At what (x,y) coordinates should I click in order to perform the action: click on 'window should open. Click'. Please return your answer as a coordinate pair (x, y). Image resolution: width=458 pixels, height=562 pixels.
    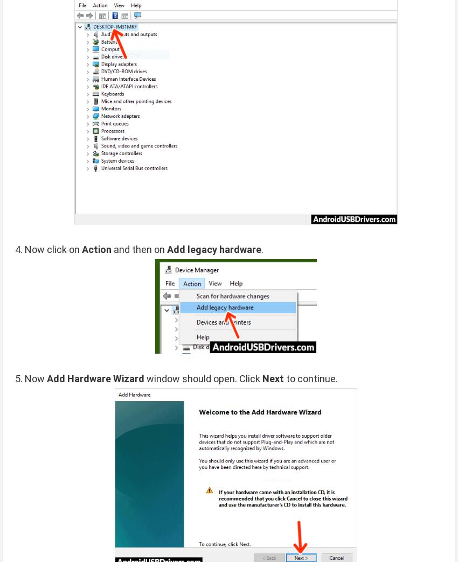
    Looking at the image, I should click on (203, 377).